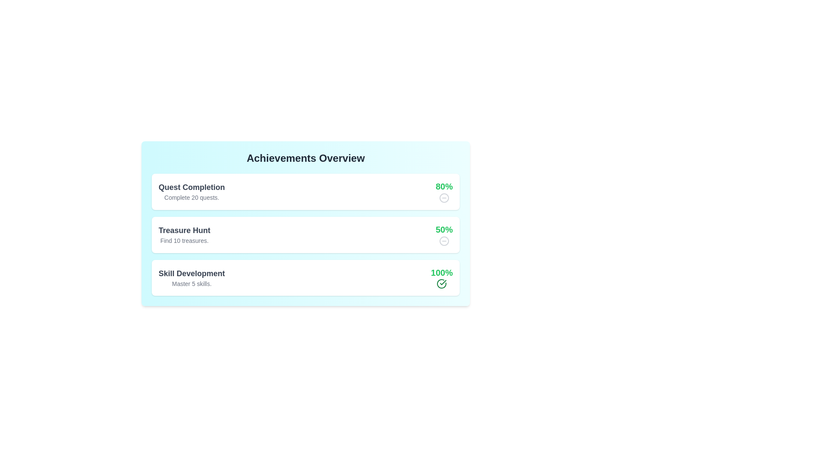 The image size is (821, 461). I want to click on the 'Skill Development' achievement completion icon, which indicates a fully completed task with 100%. This icon is the third and last in the list of achievement indicators, positioned to the right of the 'Skill Development' text, so click(442, 284).